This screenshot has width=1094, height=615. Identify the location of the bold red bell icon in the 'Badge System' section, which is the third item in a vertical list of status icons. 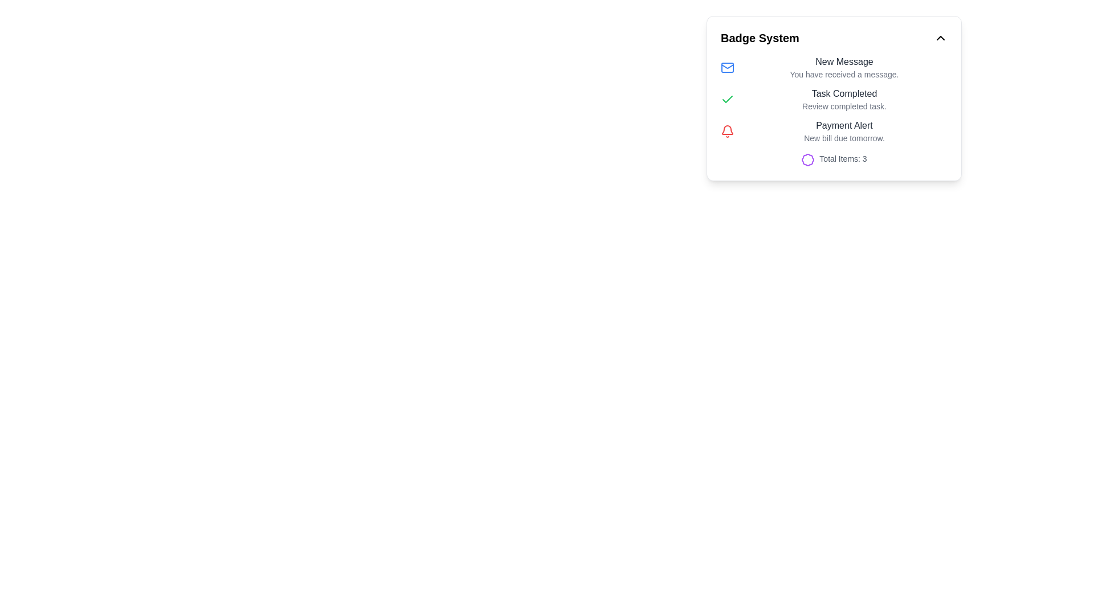
(726, 129).